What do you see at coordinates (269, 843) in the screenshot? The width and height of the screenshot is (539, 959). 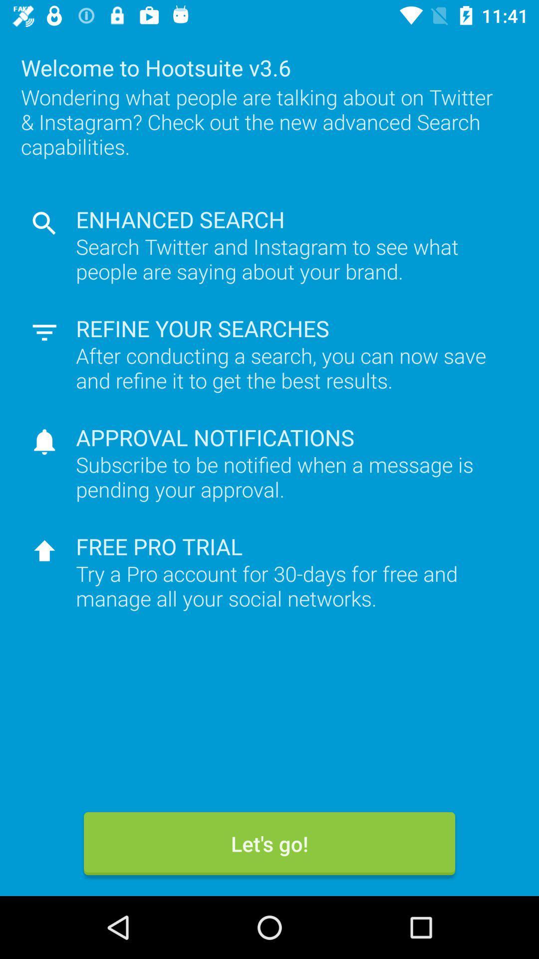 I see `lets go at the bottom of the page` at bounding box center [269, 843].